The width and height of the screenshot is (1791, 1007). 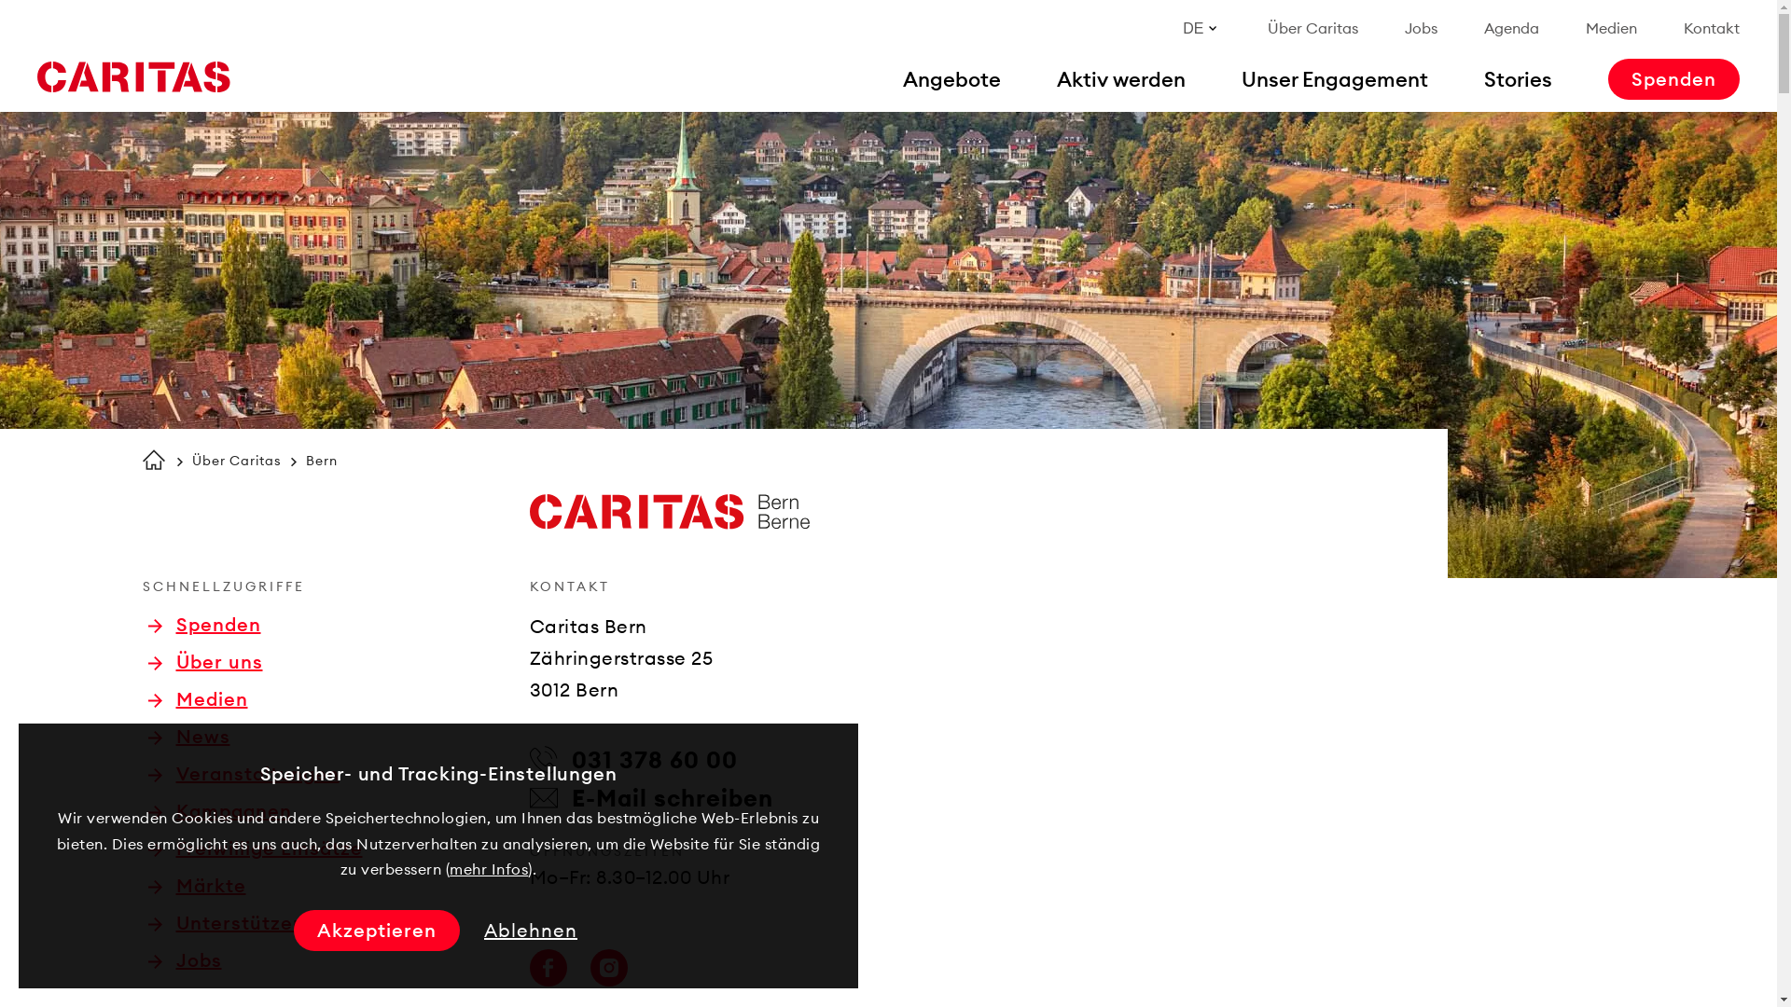 I want to click on 'Kampagnen', so click(x=219, y=810).